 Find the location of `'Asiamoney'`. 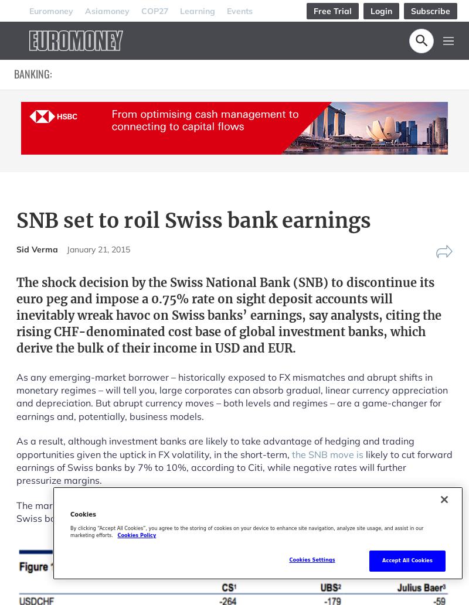

'Asiamoney' is located at coordinates (107, 10).